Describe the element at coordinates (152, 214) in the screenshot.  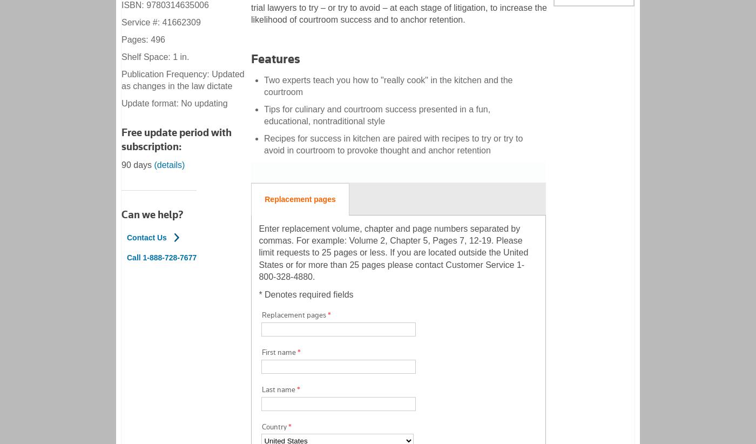
I see `'Can we help?'` at that location.